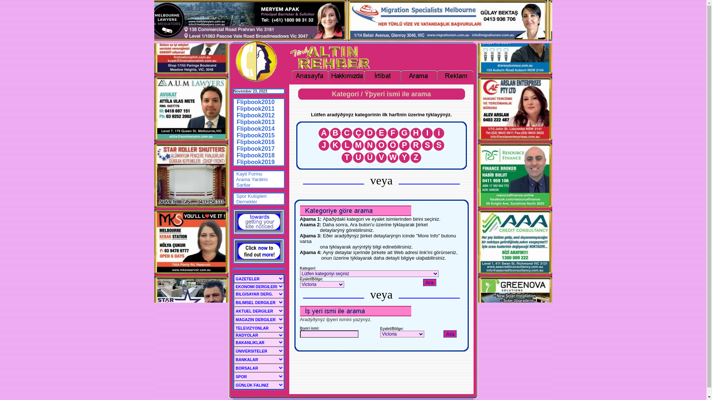 The height and width of the screenshot is (400, 712). What do you see at coordinates (370, 134) in the screenshot?
I see `'D'` at bounding box center [370, 134].